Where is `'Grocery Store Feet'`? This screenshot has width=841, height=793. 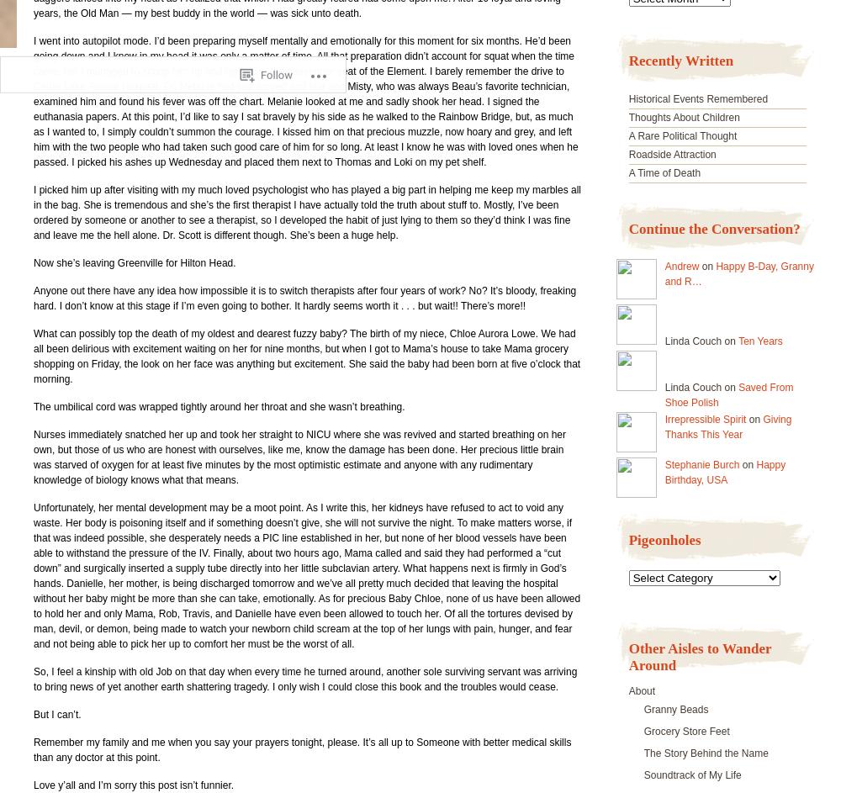 'Grocery Store Feet' is located at coordinates (685, 732).